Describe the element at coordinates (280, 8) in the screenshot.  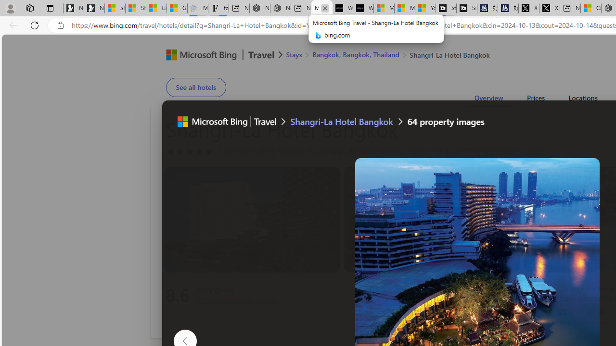
I see `'Nordace - #1 Japanese Best-Seller - Siena Smart Backpack'` at that location.